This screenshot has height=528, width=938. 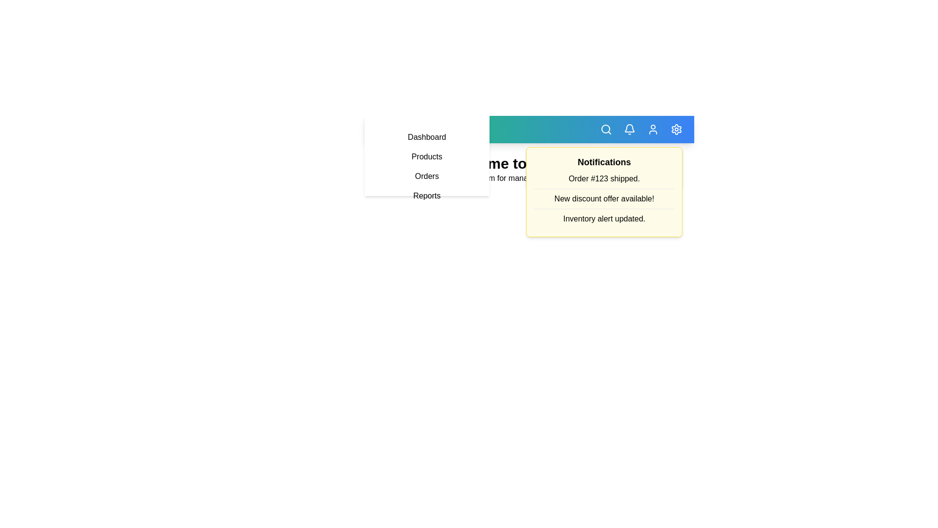 I want to click on the Notification Card located in the upper-right quadrant of the interface, so click(x=604, y=192).